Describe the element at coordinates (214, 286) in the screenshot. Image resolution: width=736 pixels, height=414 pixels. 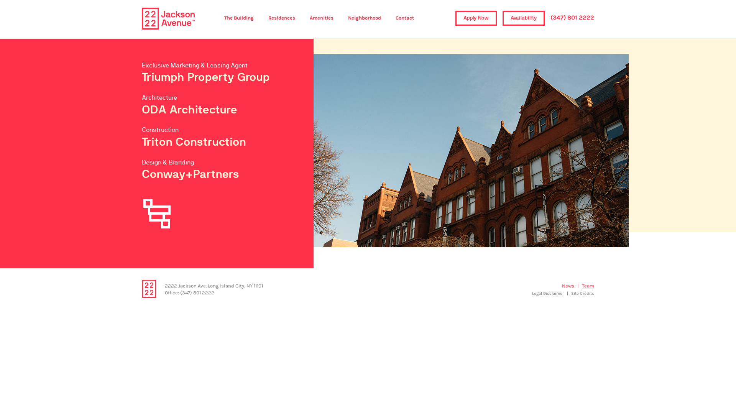
I see `'2222 Jackson Ave. Long Island City, NY 11101'` at that location.